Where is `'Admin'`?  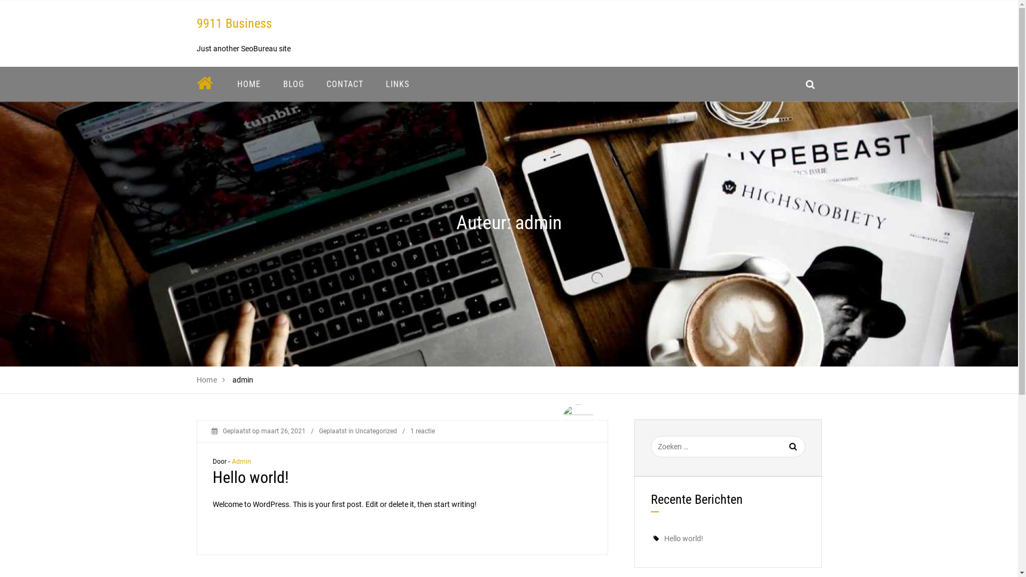
'Admin' is located at coordinates (241, 461).